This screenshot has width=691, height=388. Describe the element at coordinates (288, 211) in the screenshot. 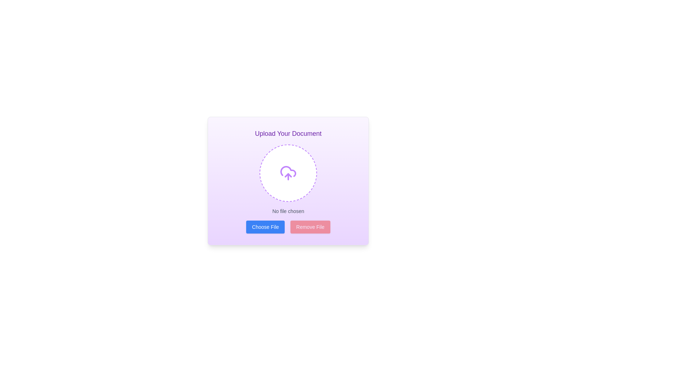

I see `the non-interactive label indicating that no file has been selected, which is located beneath the upload icon and above the 'Choose File' and 'Remove File' buttons in the 'Upload Your Document' panel` at that location.